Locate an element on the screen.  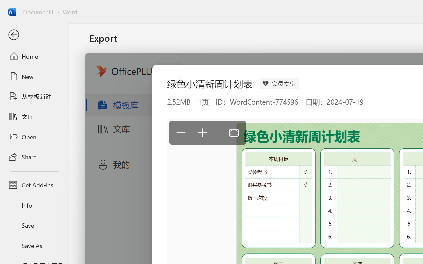
'Save As' is located at coordinates (34, 245).